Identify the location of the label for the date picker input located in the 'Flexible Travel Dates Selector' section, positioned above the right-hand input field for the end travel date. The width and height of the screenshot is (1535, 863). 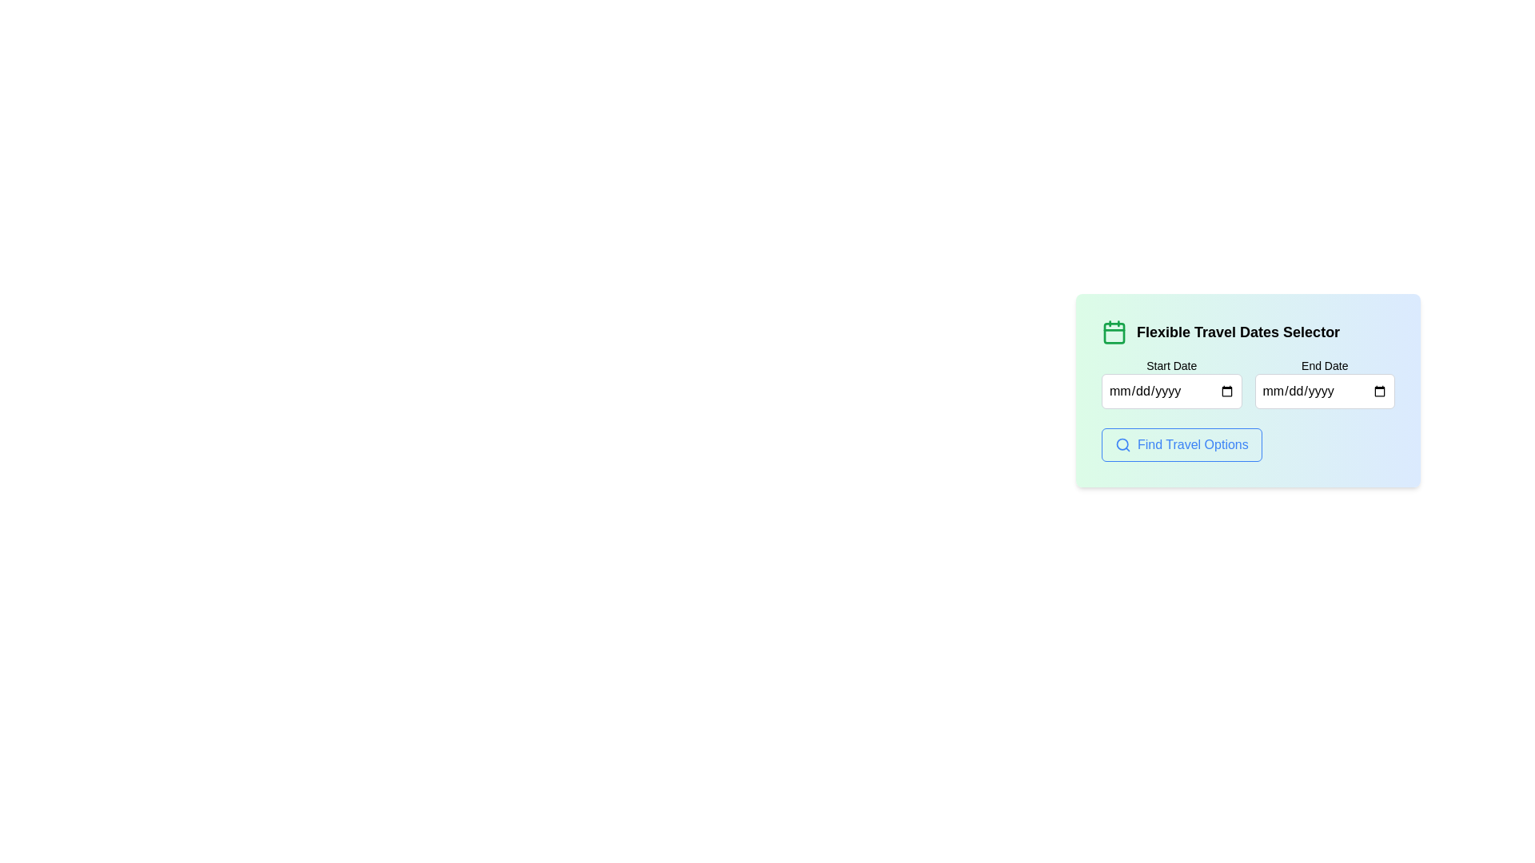
(1325, 366).